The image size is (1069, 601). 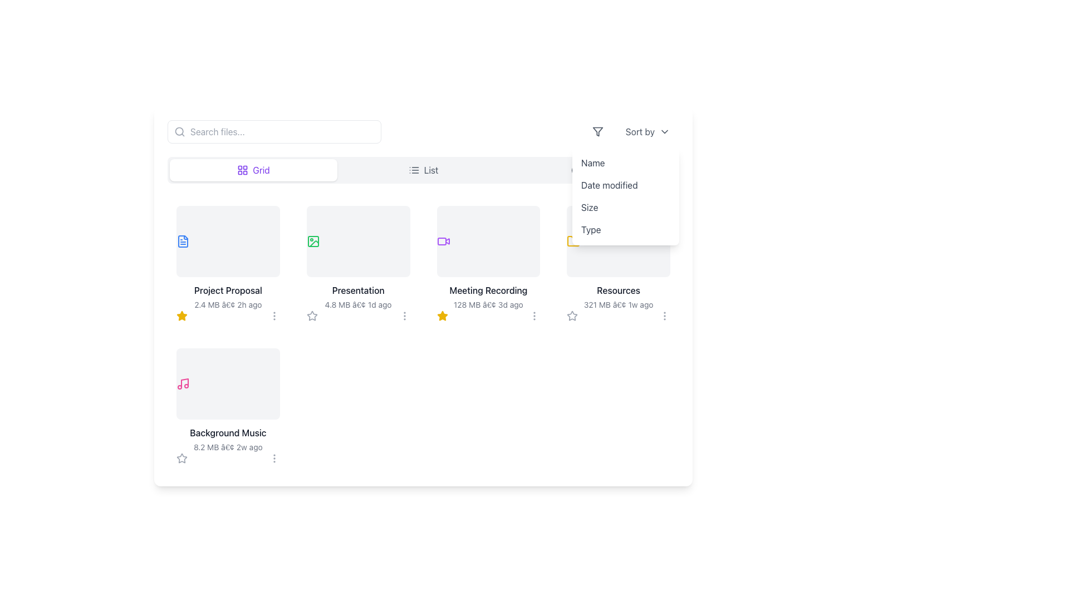 What do you see at coordinates (182, 316) in the screenshot?
I see `the star icon located in the second column of the second row of file listings` at bounding box center [182, 316].